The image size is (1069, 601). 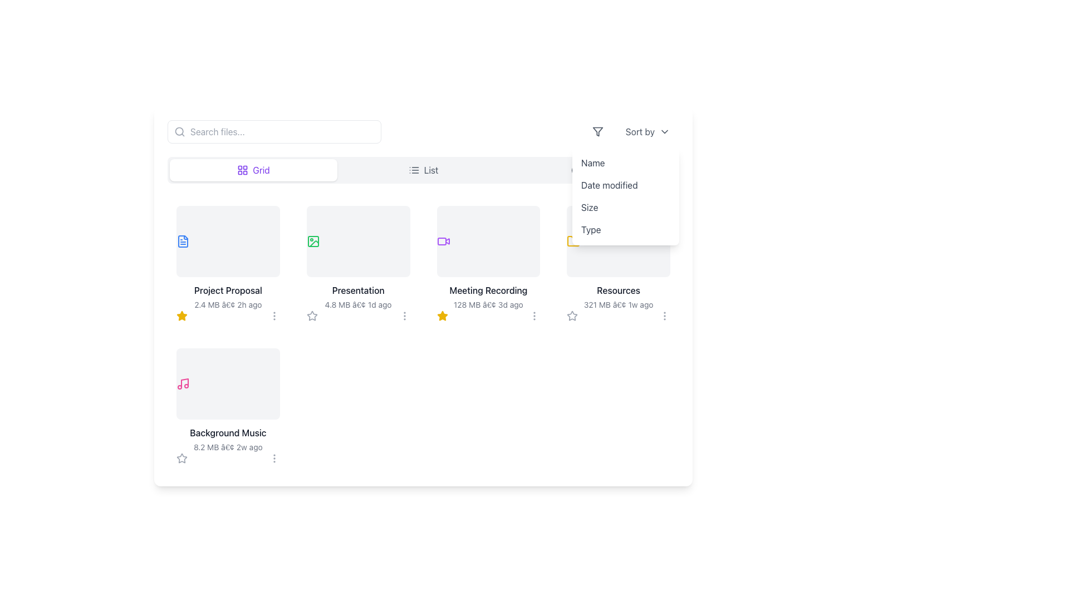 What do you see at coordinates (182, 316) in the screenshot?
I see `the star icon located in the second column of the second row of file listings` at bounding box center [182, 316].